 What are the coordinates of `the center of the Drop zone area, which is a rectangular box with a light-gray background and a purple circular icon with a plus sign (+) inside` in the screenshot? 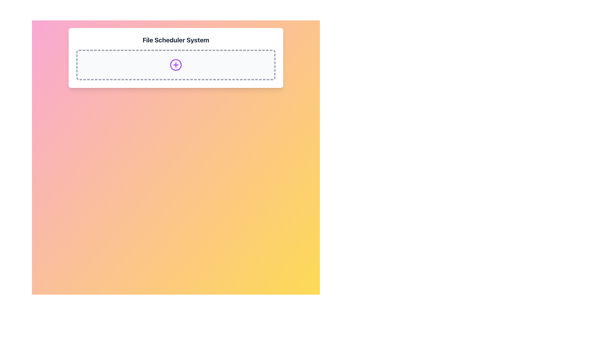 It's located at (176, 65).